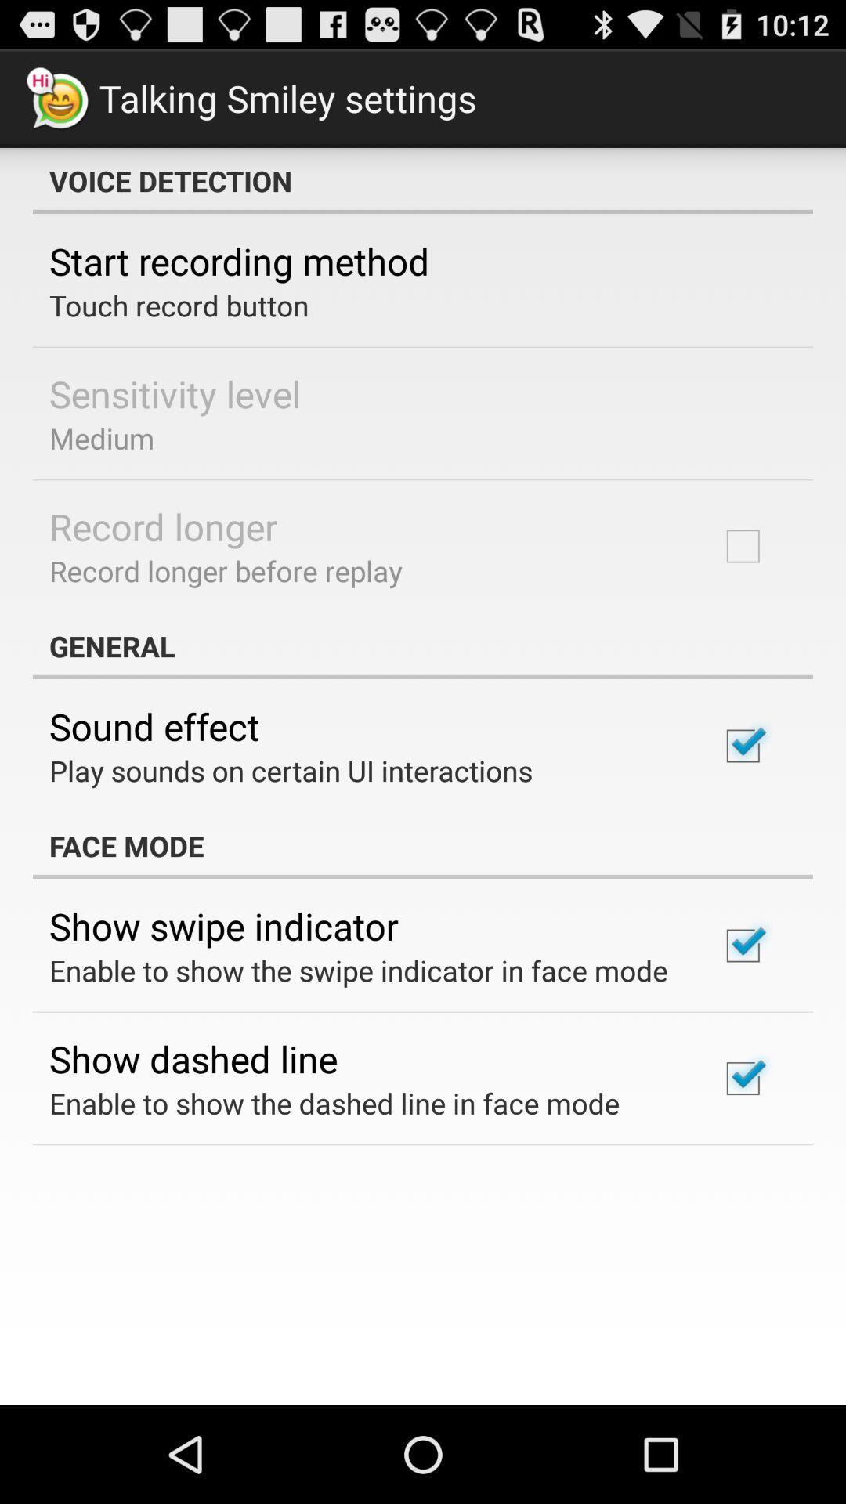 This screenshot has height=1504, width=846. I want to click on icon below sensitivity level app, so click(102, 438).